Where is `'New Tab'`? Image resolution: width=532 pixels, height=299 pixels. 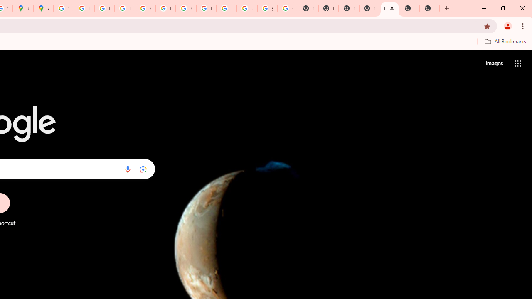 'New Tab' is located at coordinates (410, 8).